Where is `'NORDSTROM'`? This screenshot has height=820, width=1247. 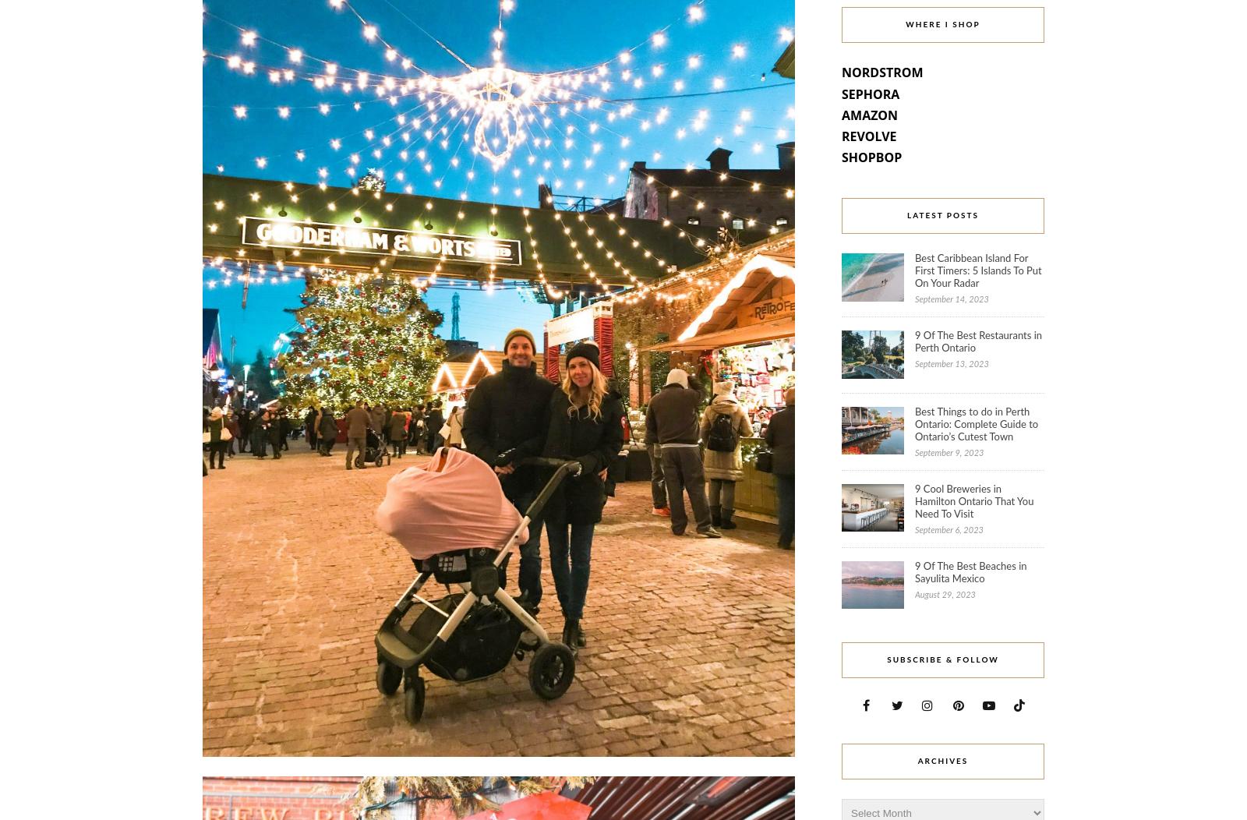 'NORDSTROM' is located at coordinates (842, 72).